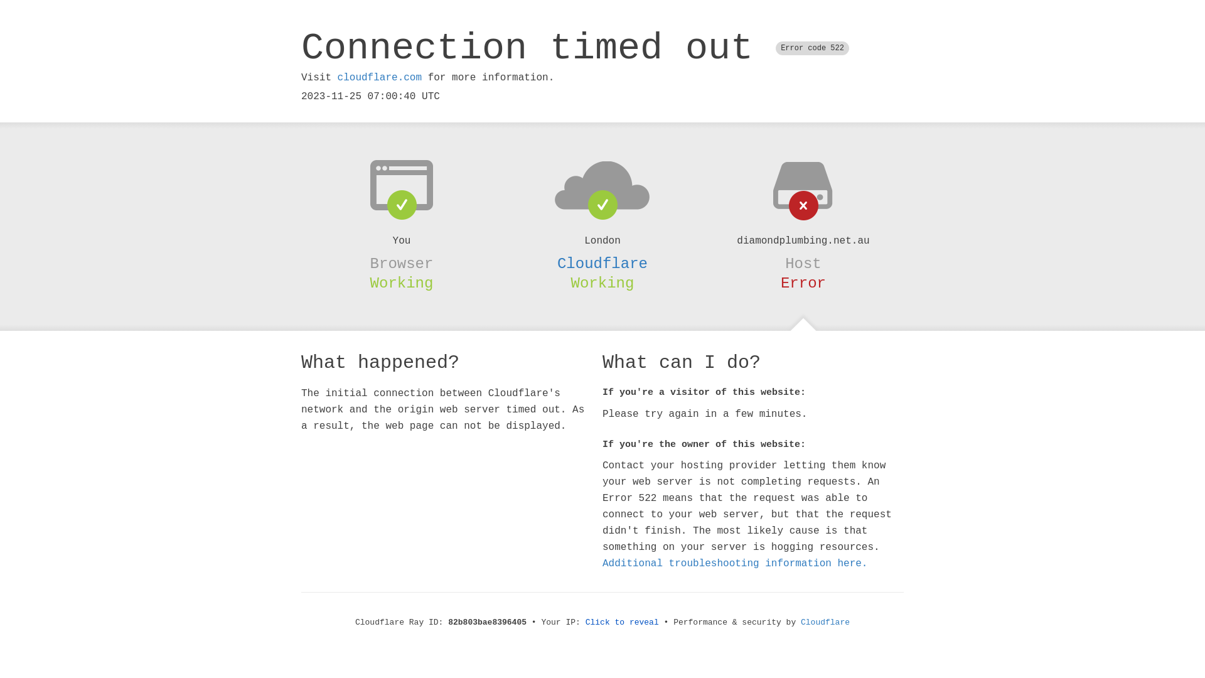 The width and height of the screenshot is (1205, 678). Describe the element at coordinates (735, 563) in the screenshot. I see `'Additional troubleshooting information here.'` at that location.